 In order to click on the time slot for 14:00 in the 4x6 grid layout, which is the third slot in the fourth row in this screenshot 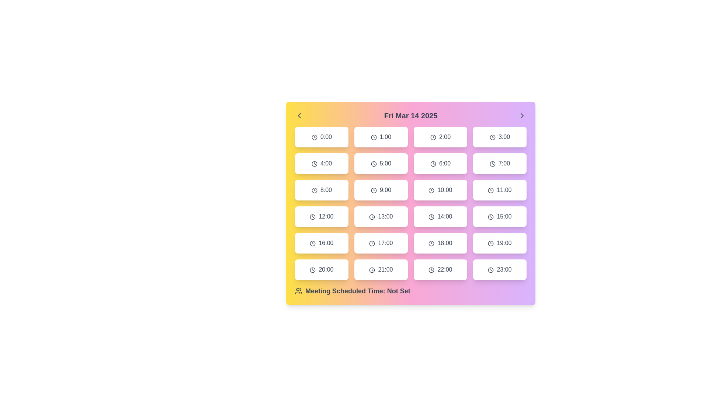, I will do `click(410, 203)`.